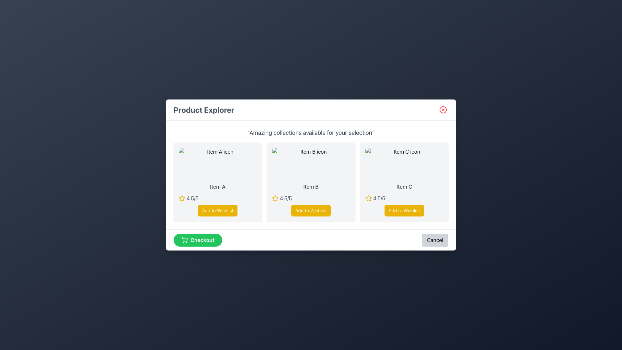 This screenshot has width=622, height=350. I want to click on the rectangular image thumbnail with rounded corners displaying 'Item B', so click(311, 163).